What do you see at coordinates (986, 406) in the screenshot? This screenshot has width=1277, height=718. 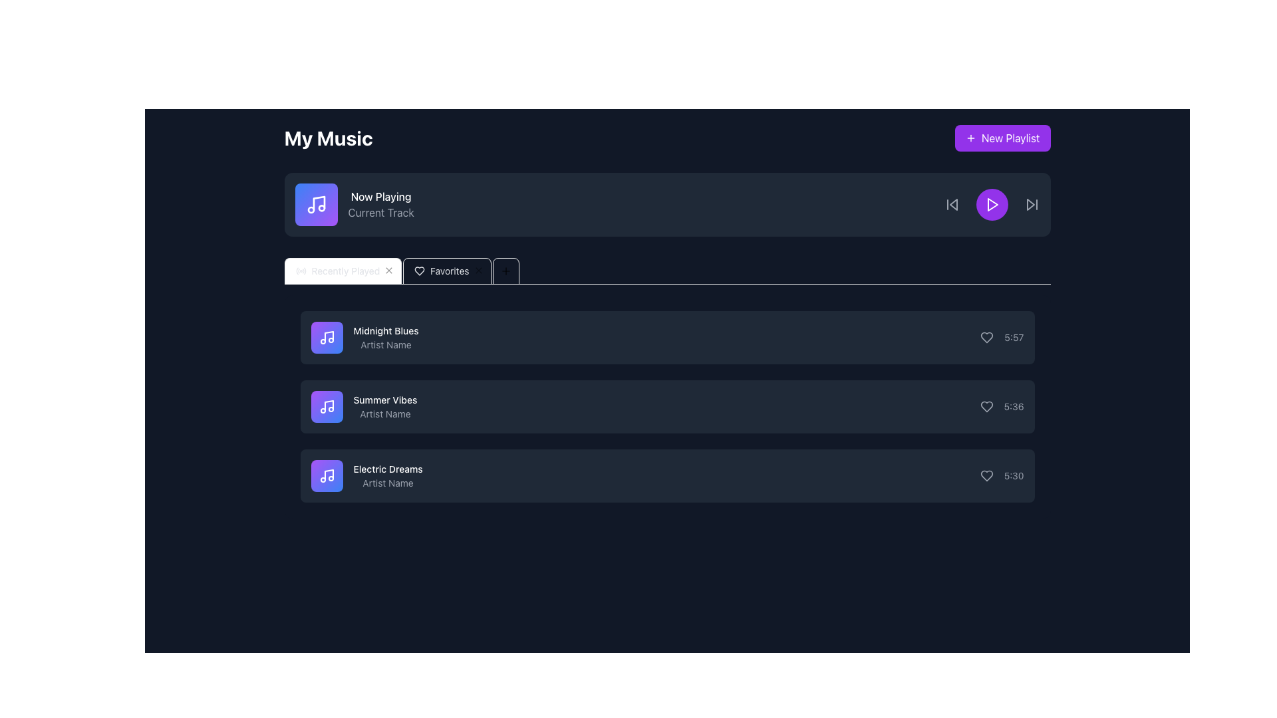 I see `the heart-shaped interactive icon located in the second song entry from the top of the music playlist interface` at bounding box center [986, 406].